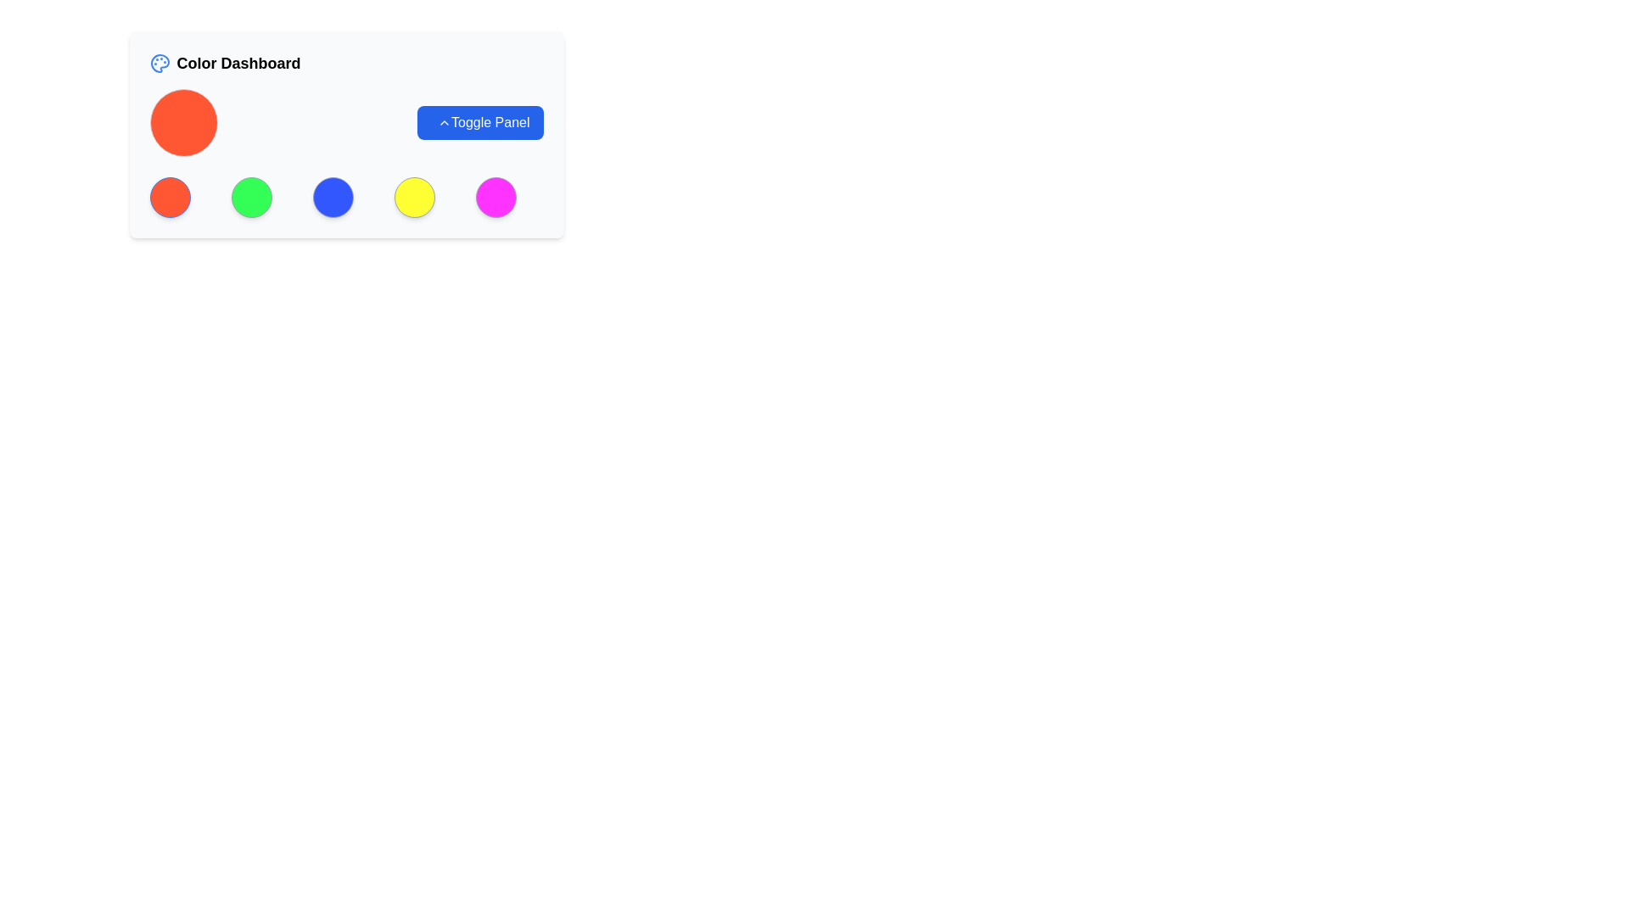 The width and height of the screenshot is (1629, 916). Describe the element at coordinates (444, 122) in the screenshot. I see `the upward-pointing chevron icon located on the right side within the 'Toggle Panel' button` at that location.